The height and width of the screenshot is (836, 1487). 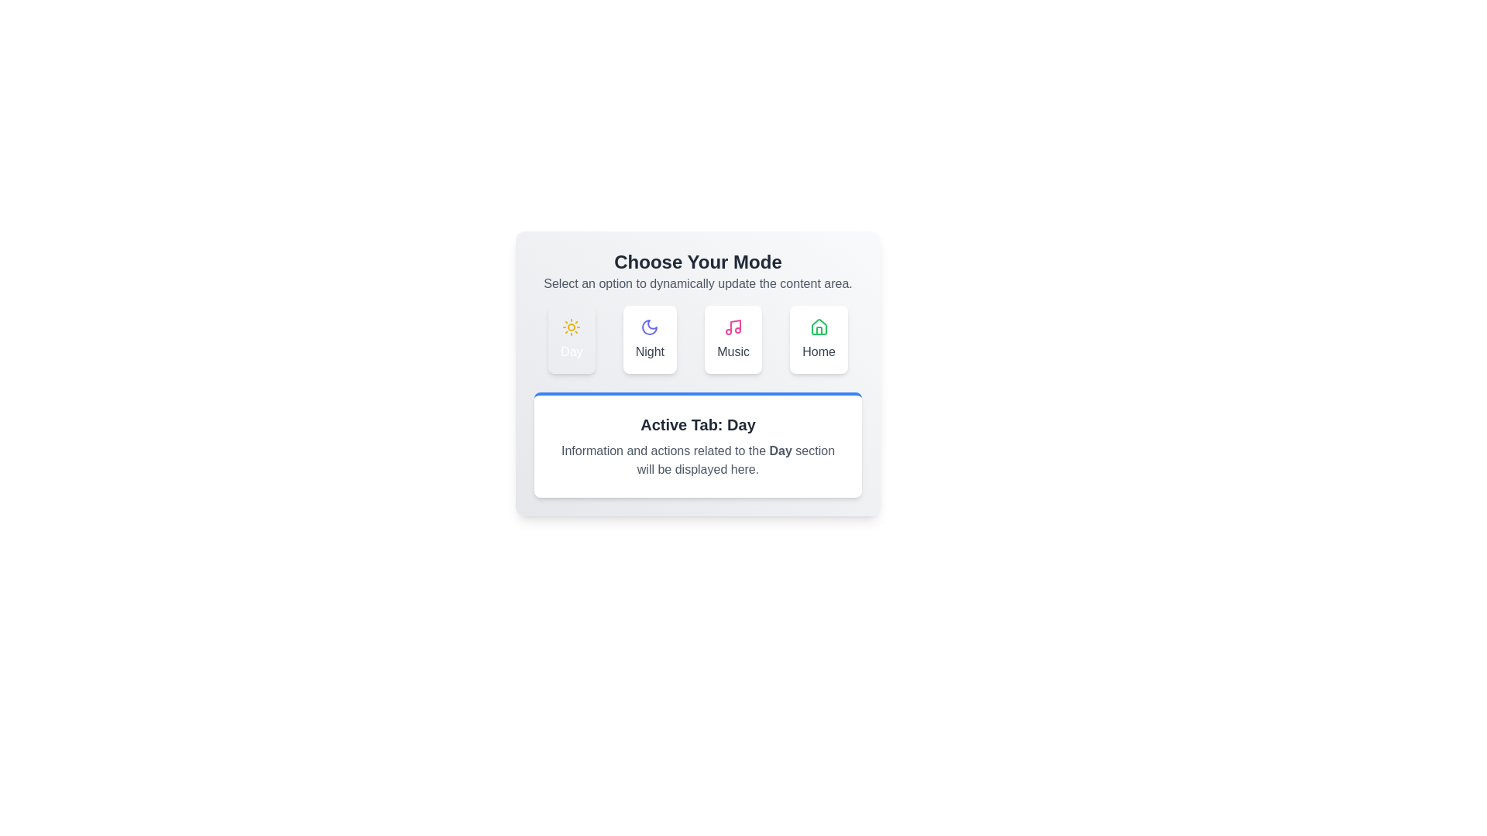 I want to click on the static text element that provides instructions directly below 'Choose Your Mode' in the interface, so click(x=697, y=283).